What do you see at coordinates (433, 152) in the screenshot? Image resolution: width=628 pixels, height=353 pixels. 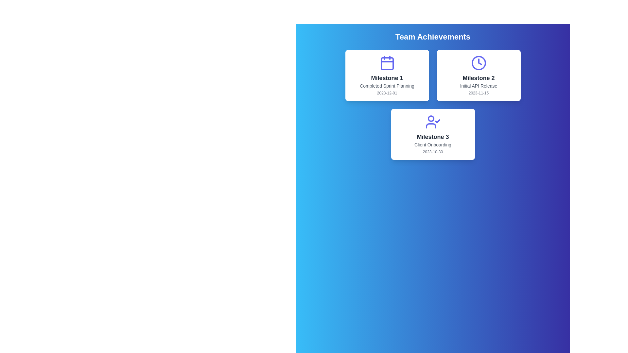 I see `the text label displaying the date '2023-10-30', which is positioned below 'Client Onboarding' within the white, rounded-corner card for 'Milestone 3'` at bounding box center [433, 152].